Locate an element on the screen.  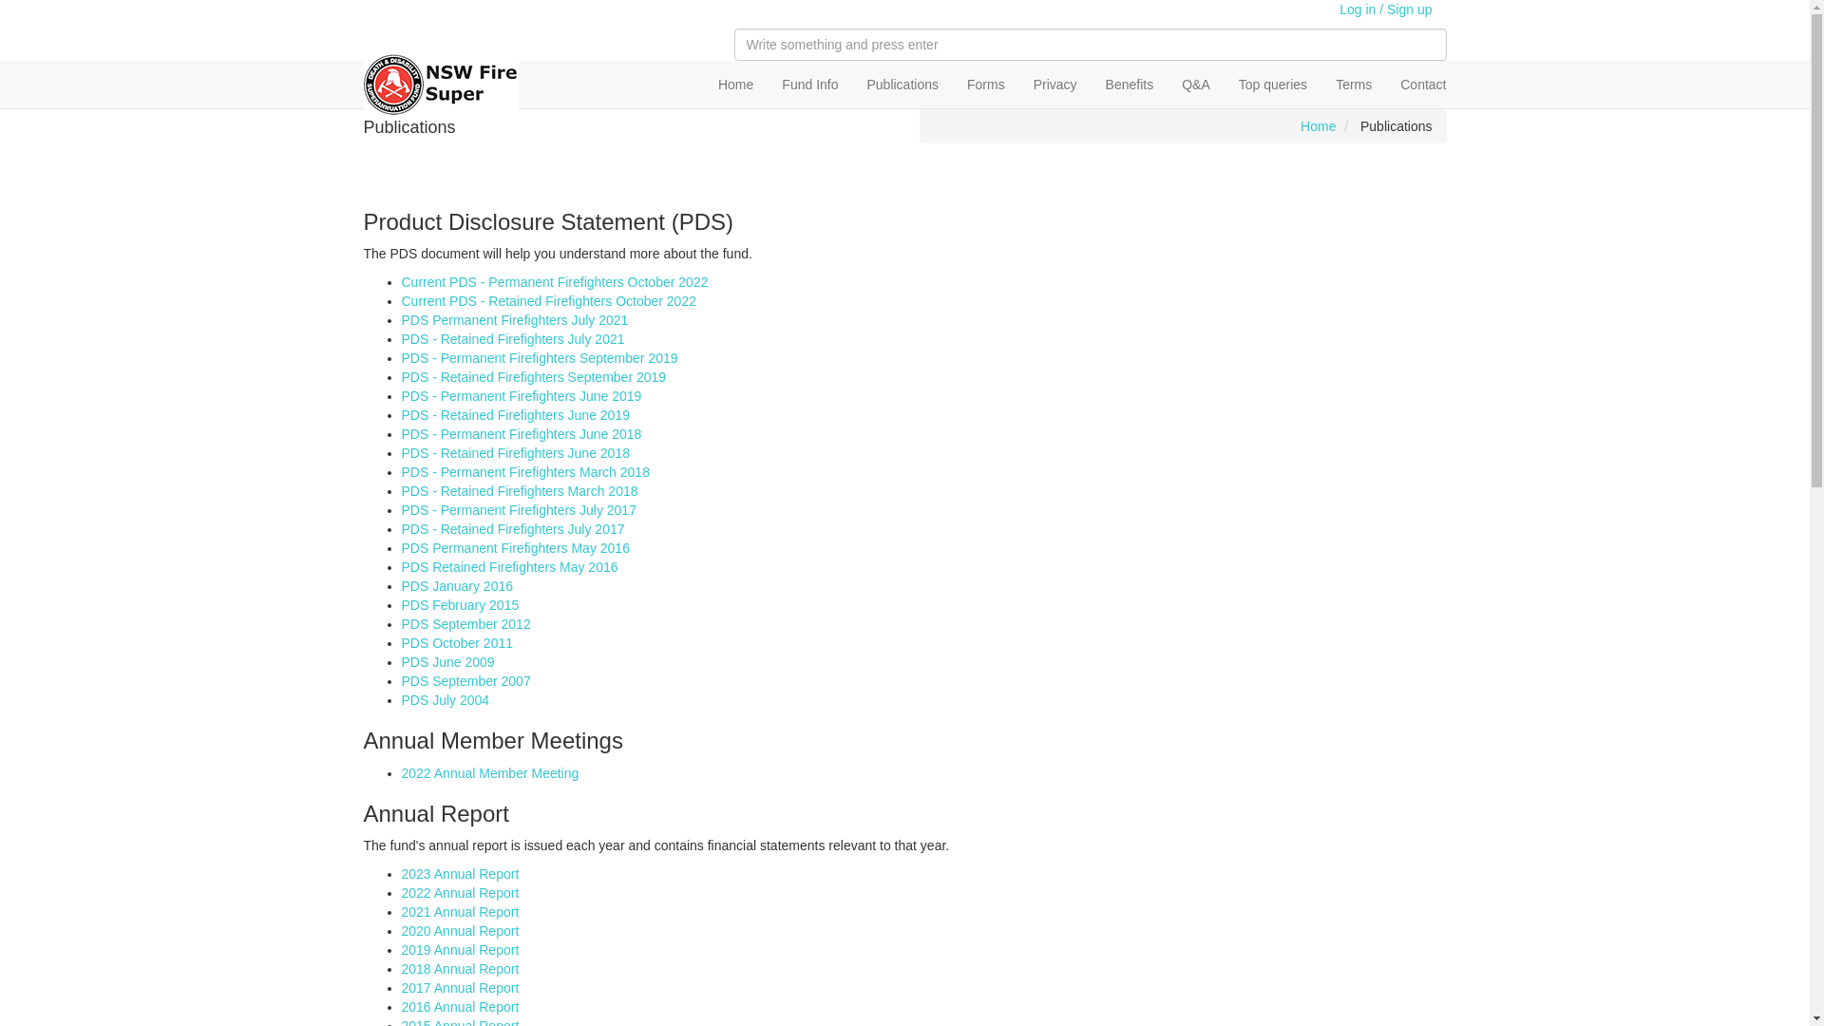
'2017 Annual Report' is located at coordinates (460, 987).